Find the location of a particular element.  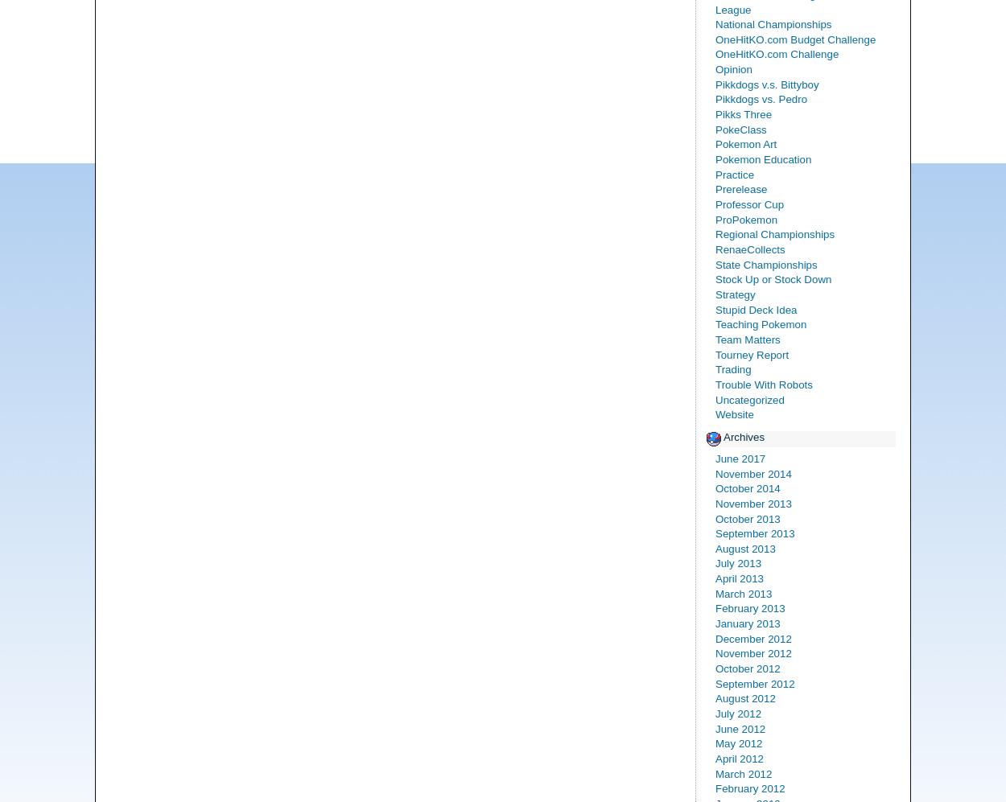

'December 2012' is located at coordinates (715, 637).